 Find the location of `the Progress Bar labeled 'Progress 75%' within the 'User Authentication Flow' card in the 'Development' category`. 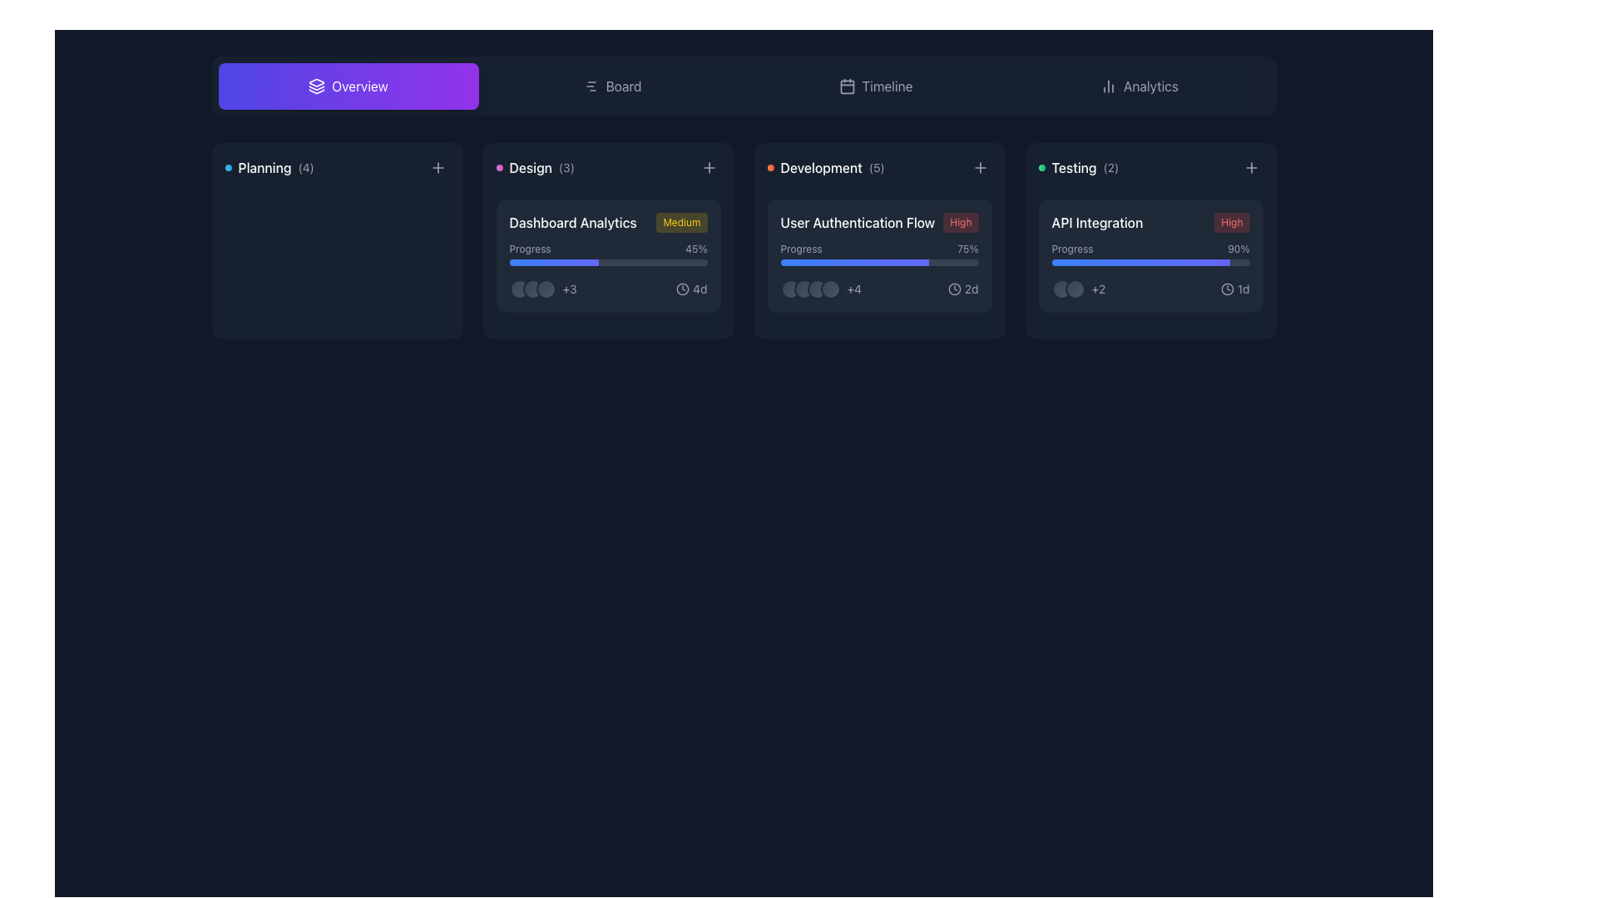

the Progress Bar labeled 'Progress 75%' within the 'User Authentication Flow' card in the 'Development' category is located at coordinates (878, 254).